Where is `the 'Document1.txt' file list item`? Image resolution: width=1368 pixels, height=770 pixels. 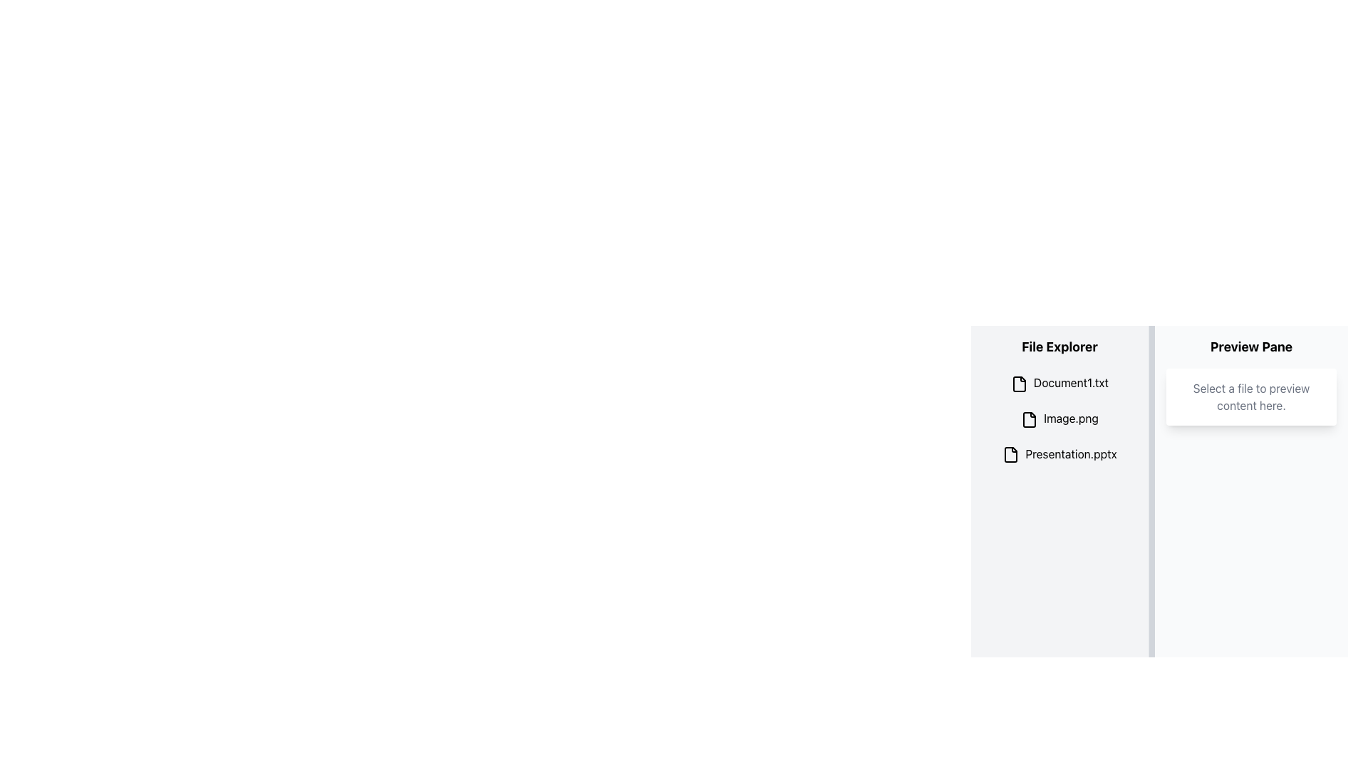 the 'Document1.txt' file list item is located at coordinates (1059, 382).